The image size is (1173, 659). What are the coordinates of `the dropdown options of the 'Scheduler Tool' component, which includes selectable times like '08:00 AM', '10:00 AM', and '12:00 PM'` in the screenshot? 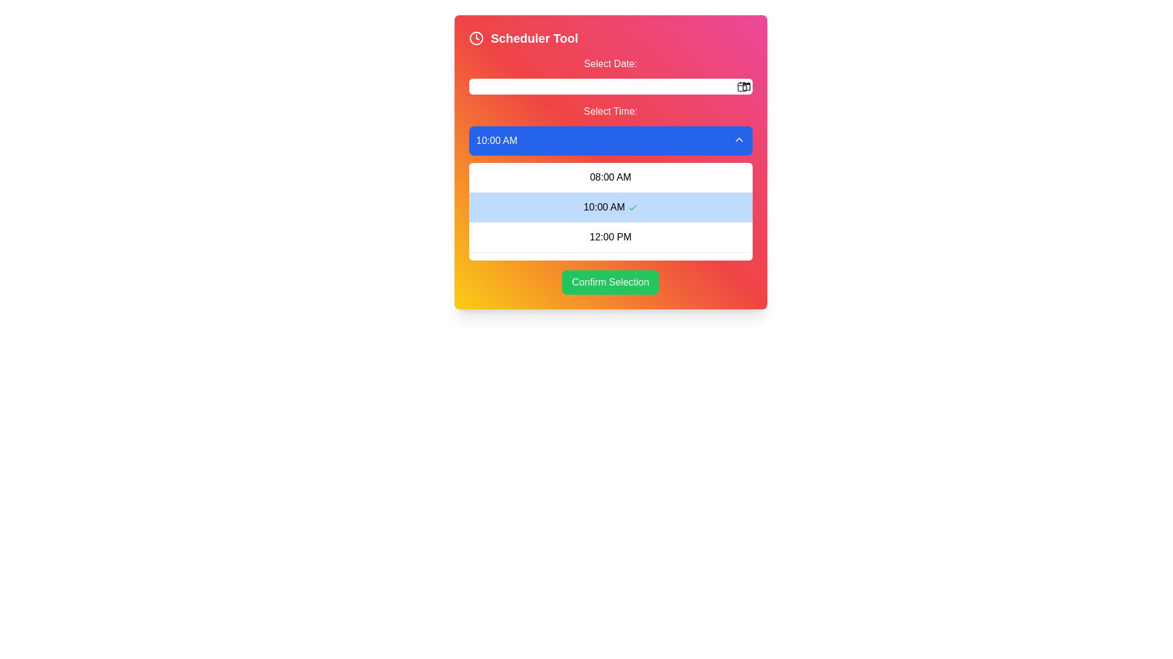 It's located at (610, 162).